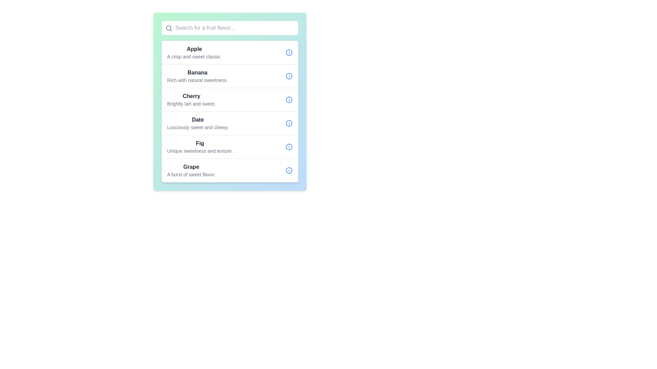 The image size is (657, 369). Describe the element at coordinates (230, 101) in the screenshot. I see `the third list item displaying 'Cherry' with the description 'Brightly tart and sweet.'` at that location.